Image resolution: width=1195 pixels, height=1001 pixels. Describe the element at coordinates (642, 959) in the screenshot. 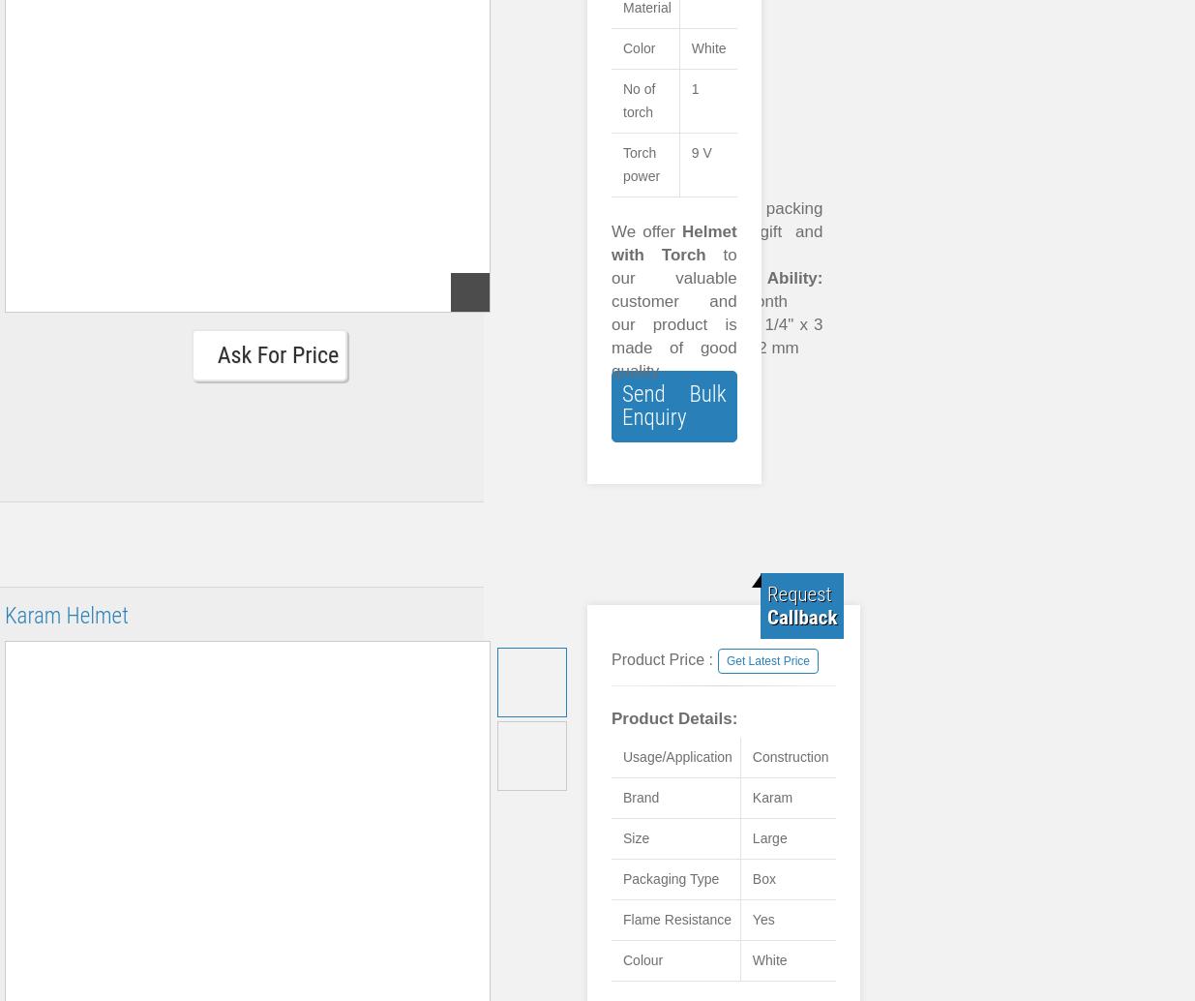

I see `'Colour'` at that location.